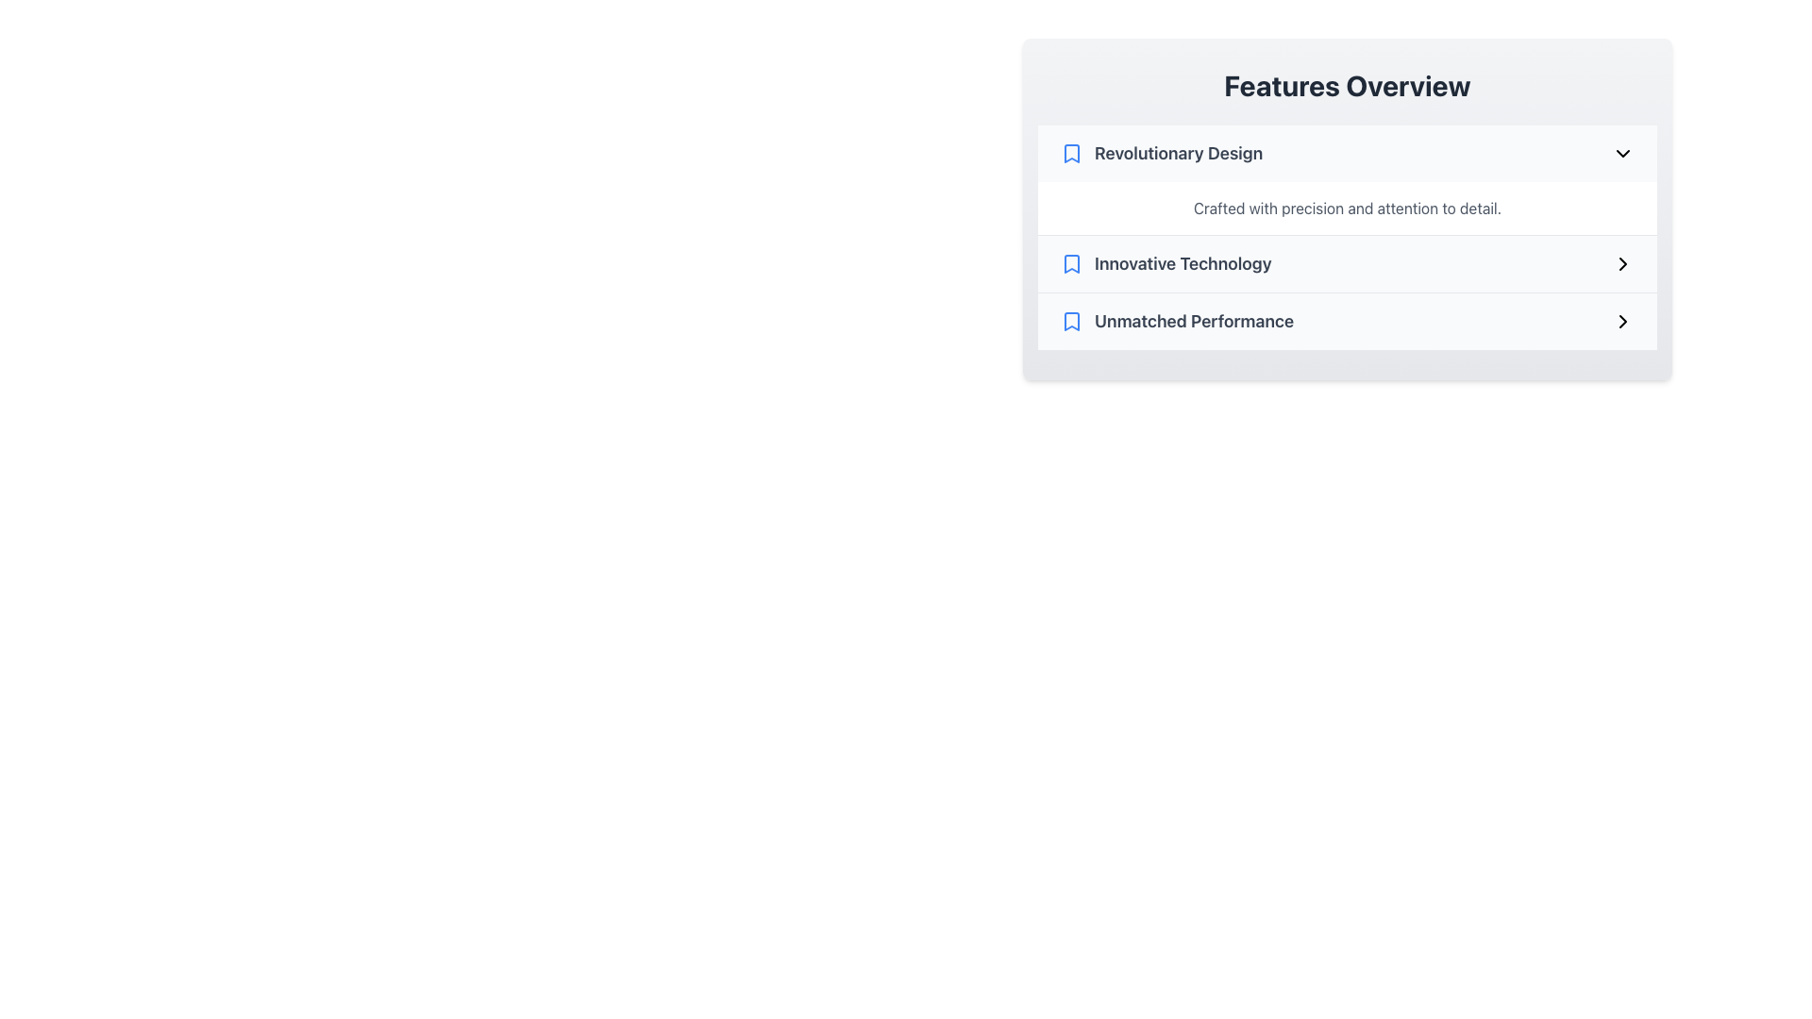  Describe the element at coordinates (1160, 152) in the screenshot. I see `the 'Revolutionary Design' label to copy the text` at that location.